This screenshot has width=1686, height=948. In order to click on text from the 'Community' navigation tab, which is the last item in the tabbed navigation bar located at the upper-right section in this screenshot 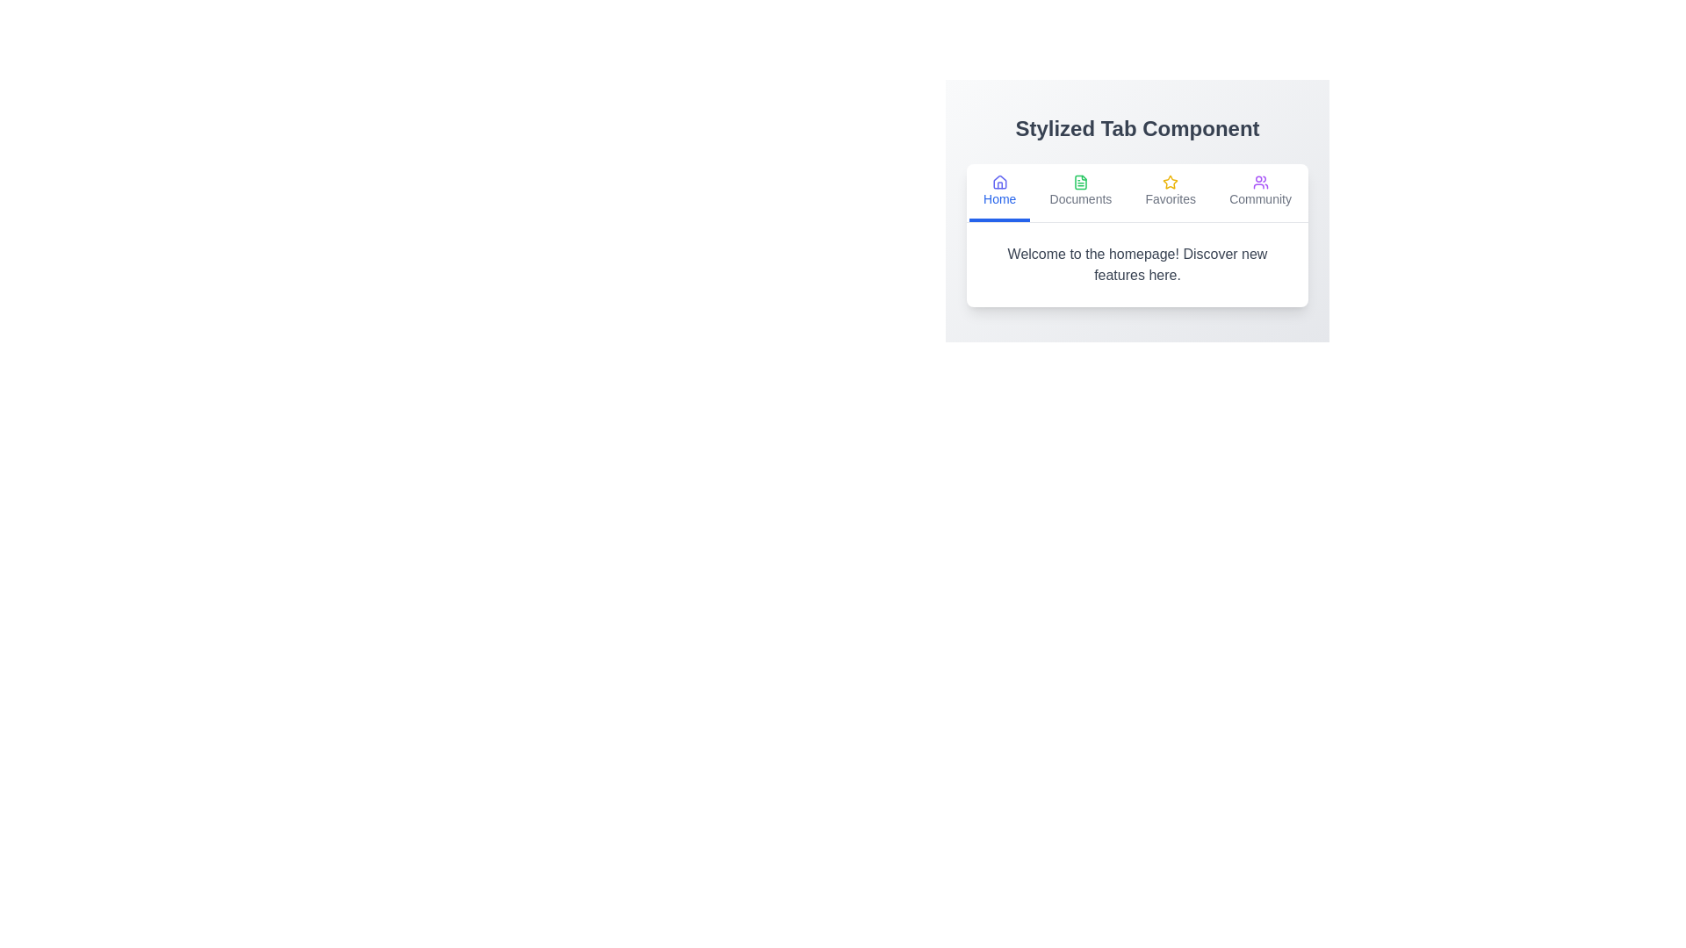, I will do `click(1259, 198)`.